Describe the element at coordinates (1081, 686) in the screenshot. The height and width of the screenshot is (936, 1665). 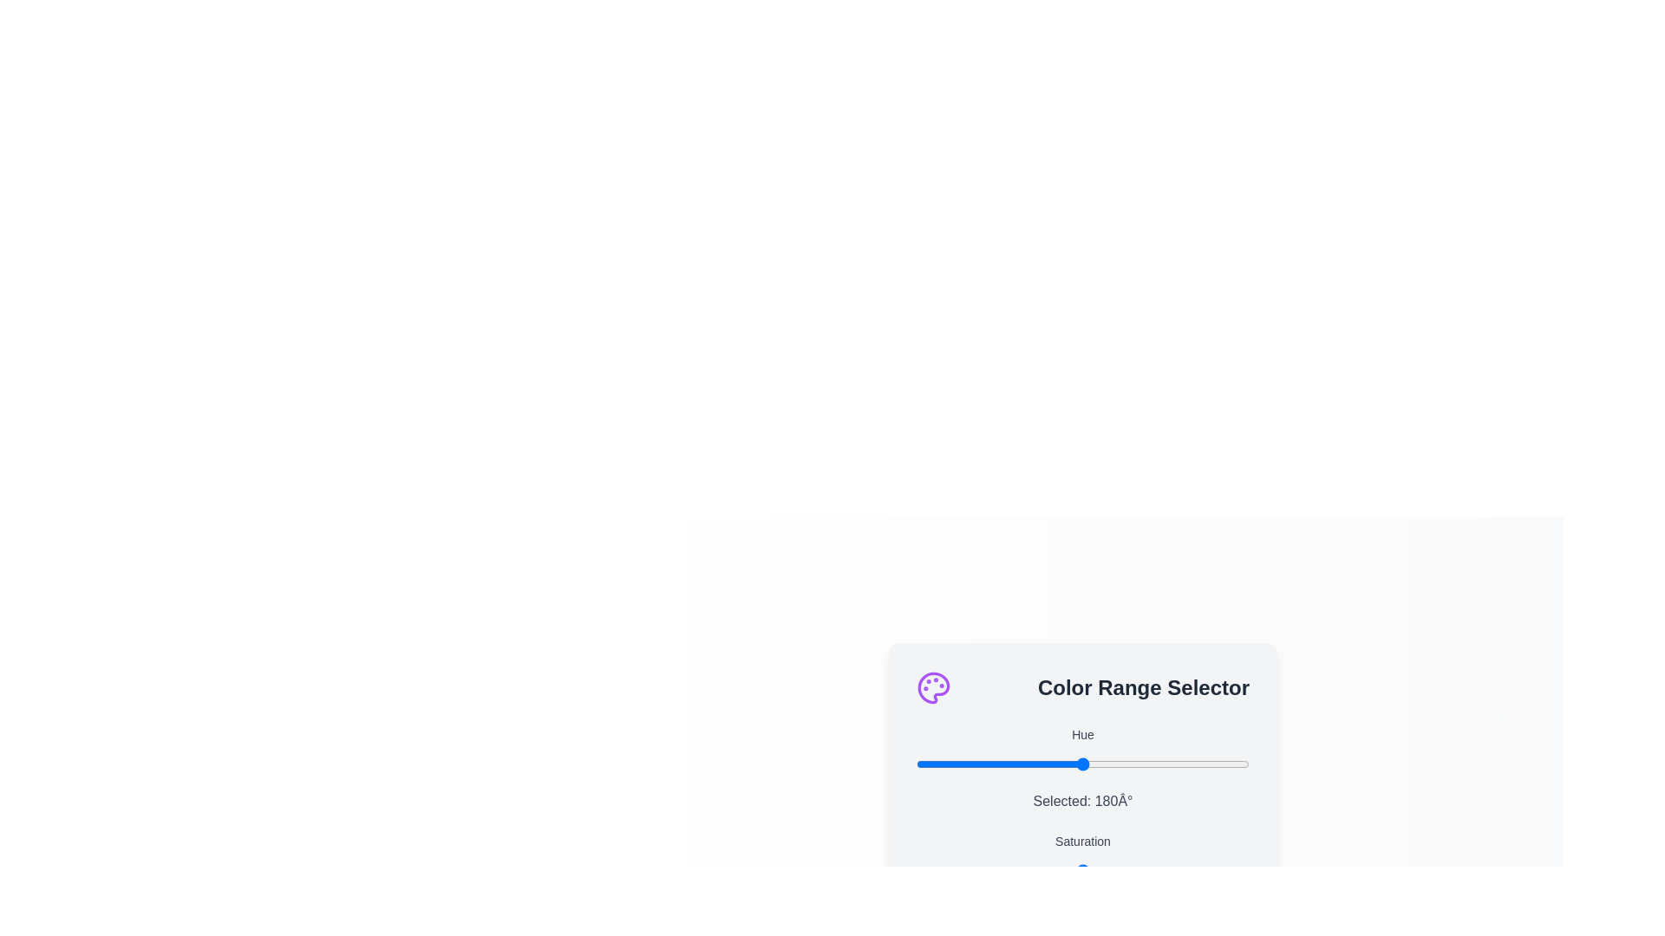
I see `the header label with an accompanying icon for the color selection panel, which is positioned at the top left of the panel and may enable navigation` at that location.